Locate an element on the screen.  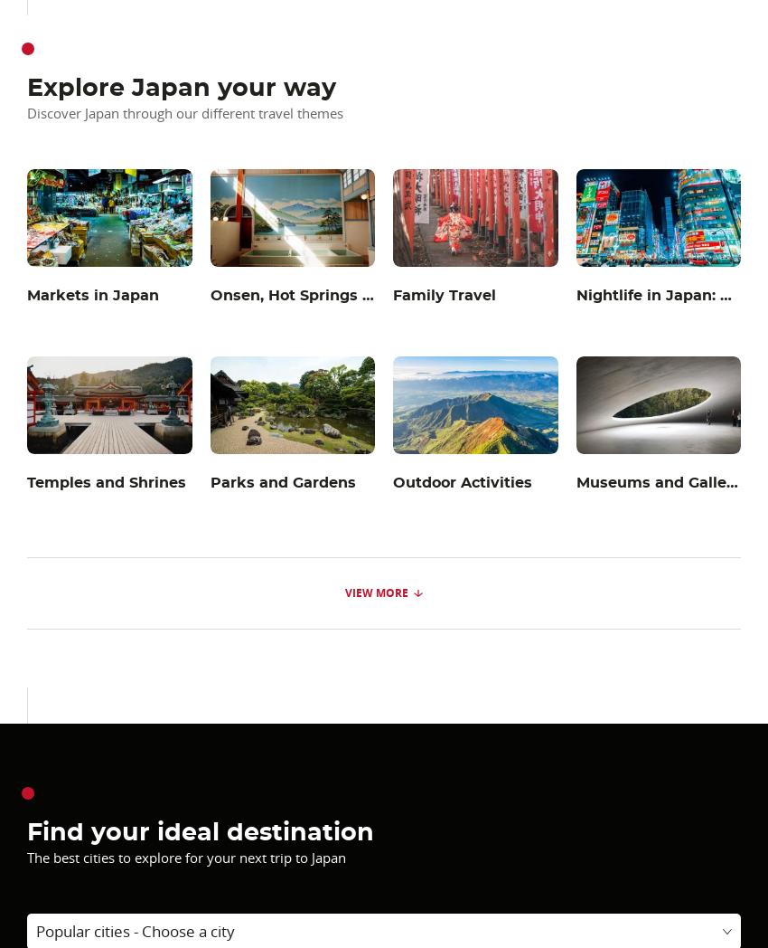
'The best cities to explore for your next trip to Japan' is located at coordinates (185, 857).